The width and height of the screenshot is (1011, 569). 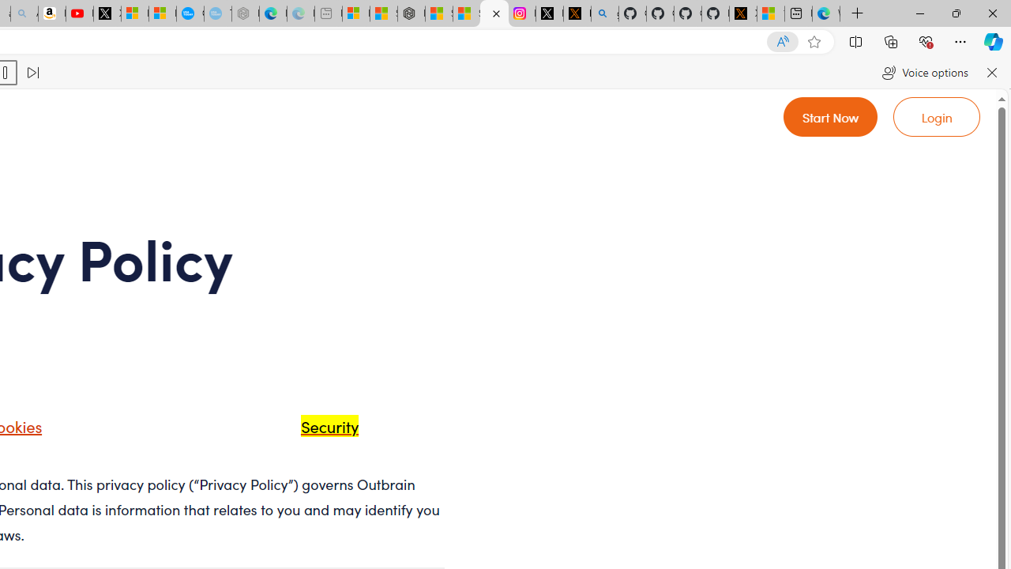 I want to click on 'The most popular Google ', so click(x=216, y=13).